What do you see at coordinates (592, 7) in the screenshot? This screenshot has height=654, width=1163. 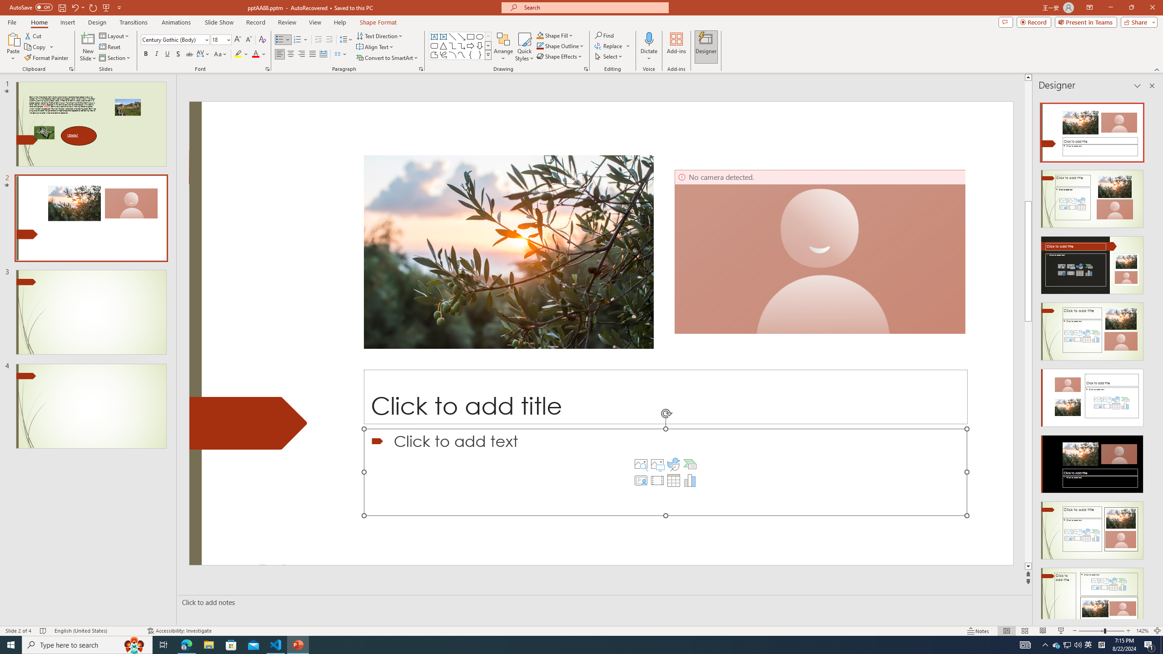 I see `'Microsoft search'` at bounding box center [592, 7].